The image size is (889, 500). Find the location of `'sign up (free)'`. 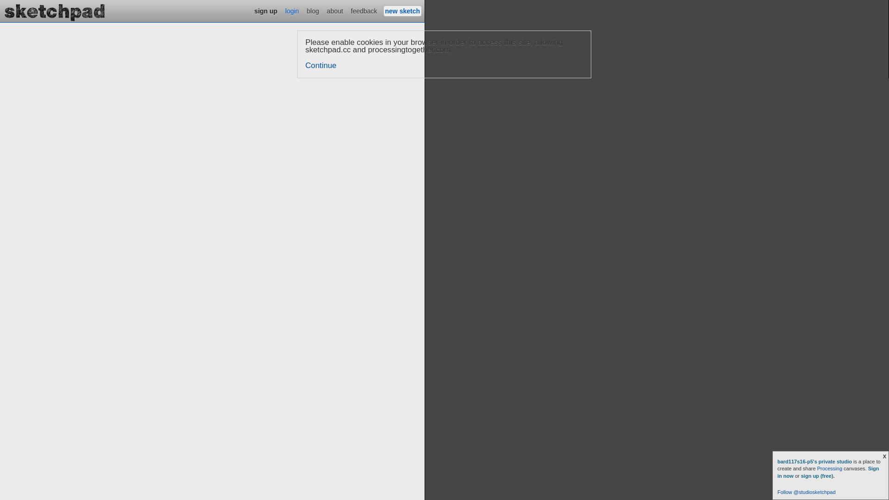

'sign up (free)' is located at coordinates (817, 476).